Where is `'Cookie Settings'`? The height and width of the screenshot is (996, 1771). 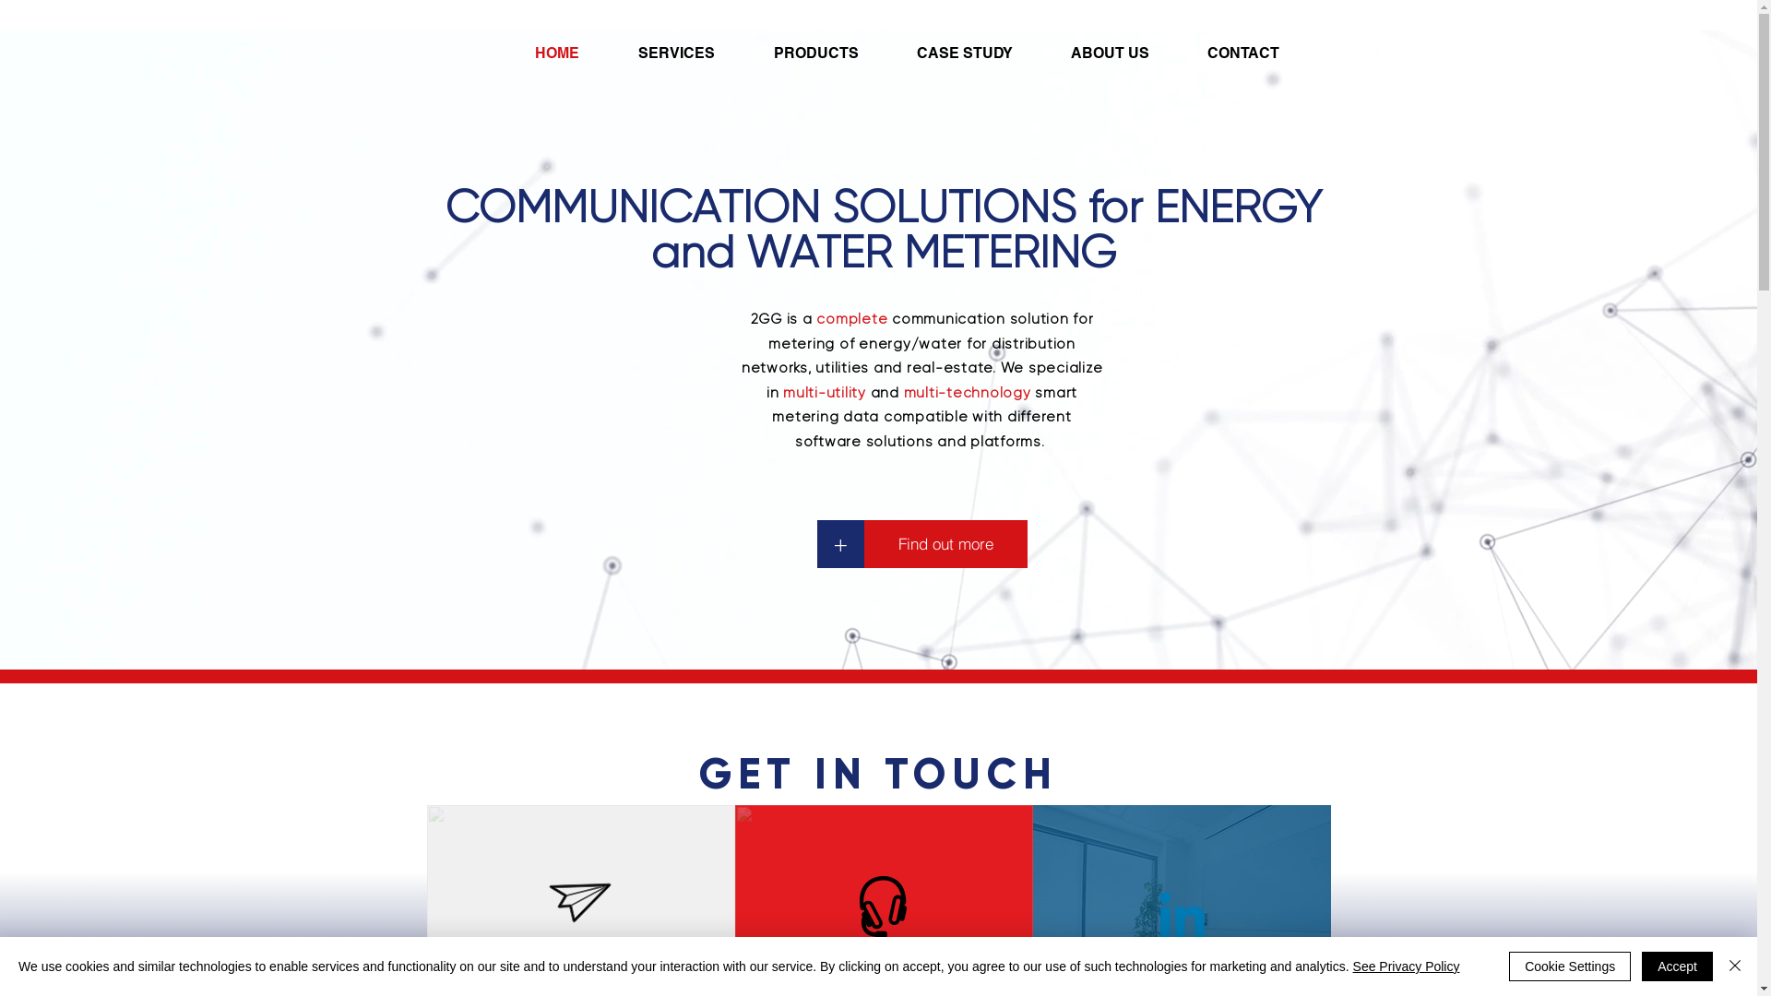
'Cookie Settings' is located at coordinates (1509, 966).